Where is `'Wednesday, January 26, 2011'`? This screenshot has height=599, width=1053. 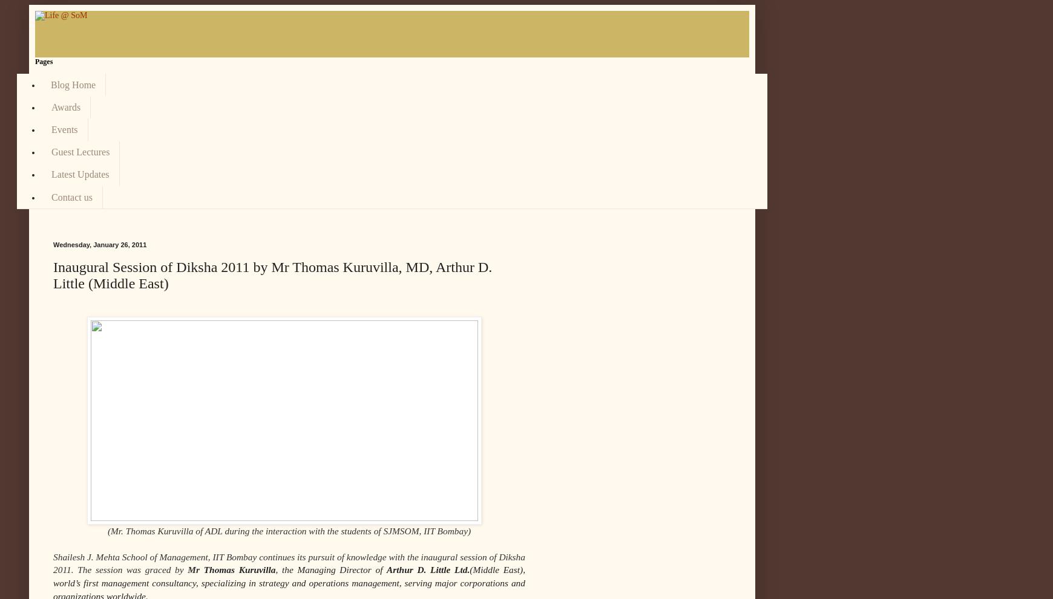
'Wednesday, January 26, 2011' is located at coordinates (53, 244).